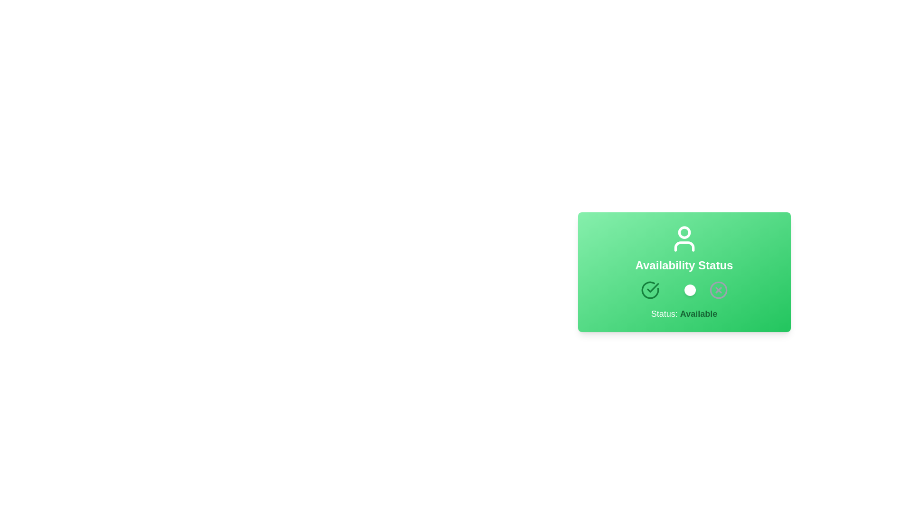  I want to click on the toggle switch, which is a horizontally placed element with a green background and a circular white knob to the right, so click(684, 289).